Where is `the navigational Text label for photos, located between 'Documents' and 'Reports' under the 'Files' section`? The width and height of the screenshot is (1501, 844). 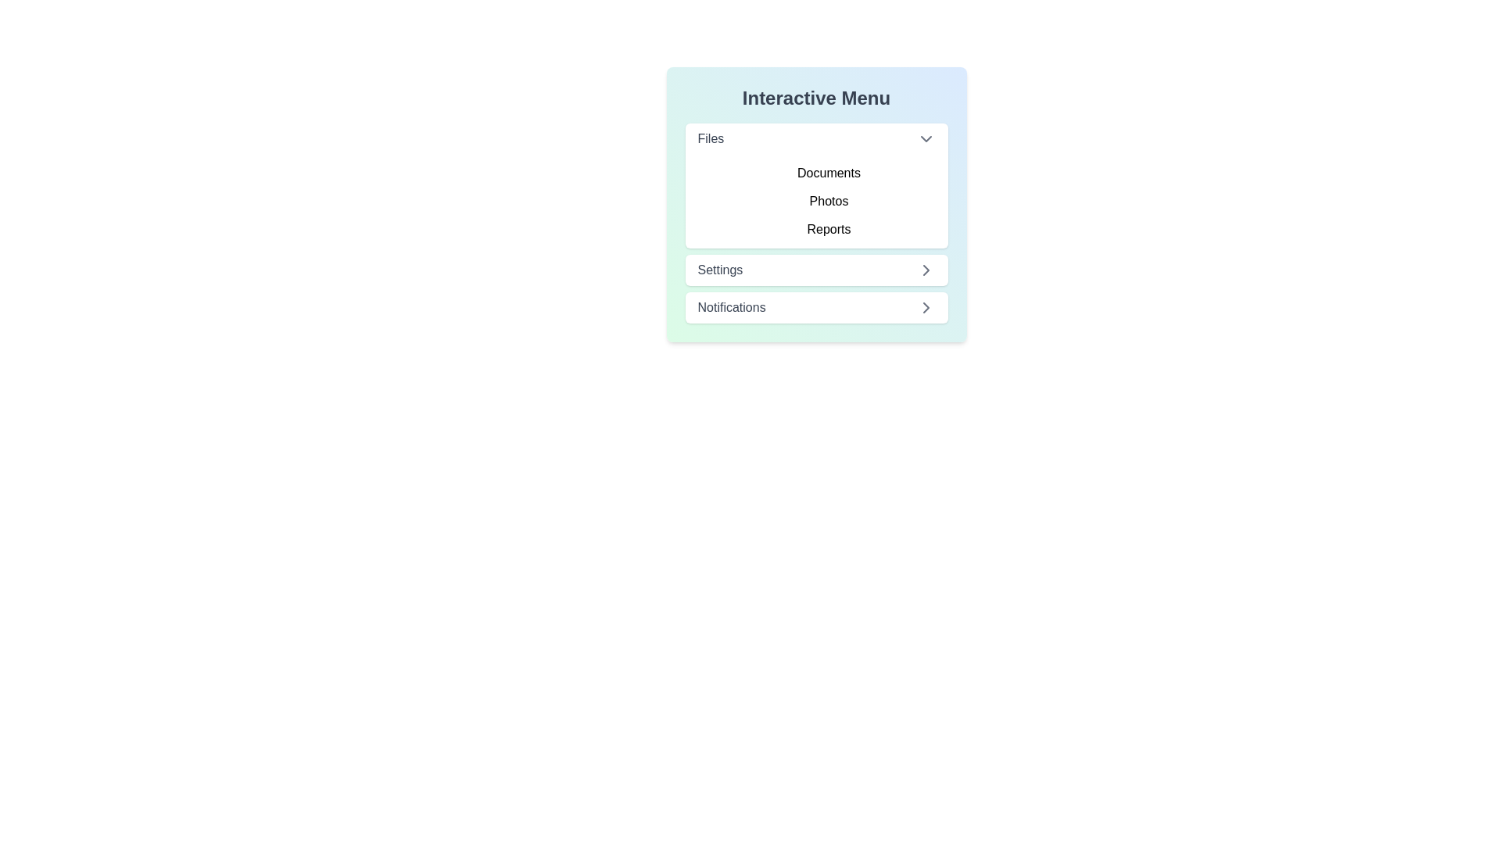 the navigational Text label for photos, located between 'Documents' and 'Reports' under the 'Files' section is located at coordinates (828, 201).